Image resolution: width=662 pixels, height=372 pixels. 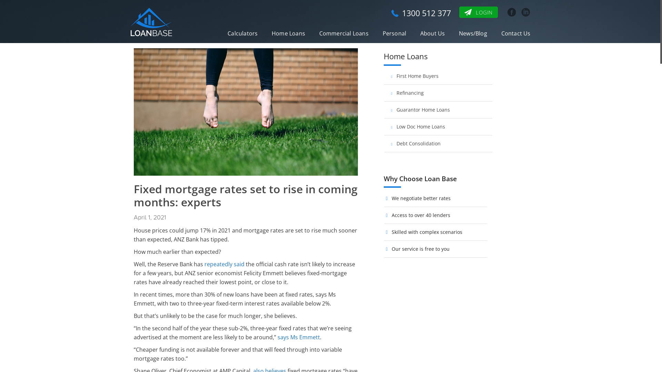 What do you see at coordinates (344, 33) in the screenshot?
I see `'Commercial Loans'` at bounding box center [344, 33].